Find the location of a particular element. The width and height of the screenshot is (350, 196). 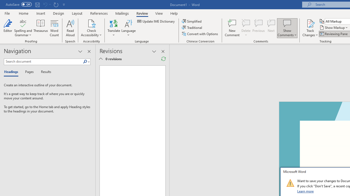

'Track Changes' is located at coordinates (310, 28).